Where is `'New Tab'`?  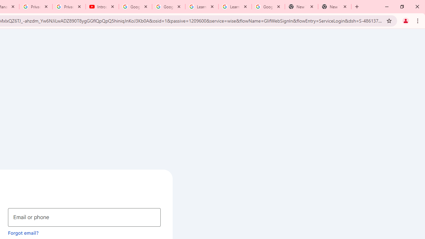 'New Tab' is located at coordinates (335, 7).